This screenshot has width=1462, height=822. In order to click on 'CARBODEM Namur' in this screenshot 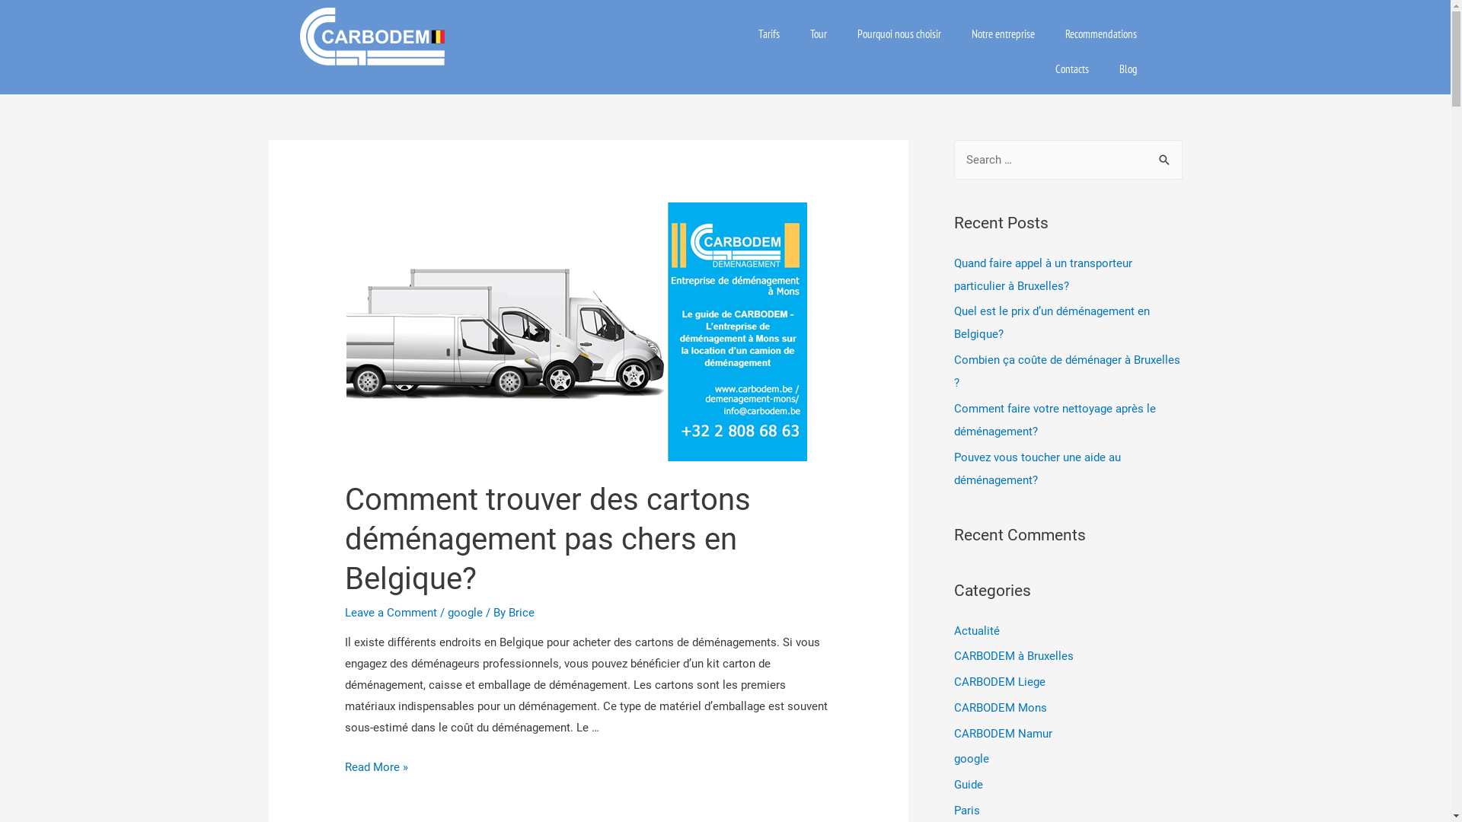, I will do `click(1002, 732)`.